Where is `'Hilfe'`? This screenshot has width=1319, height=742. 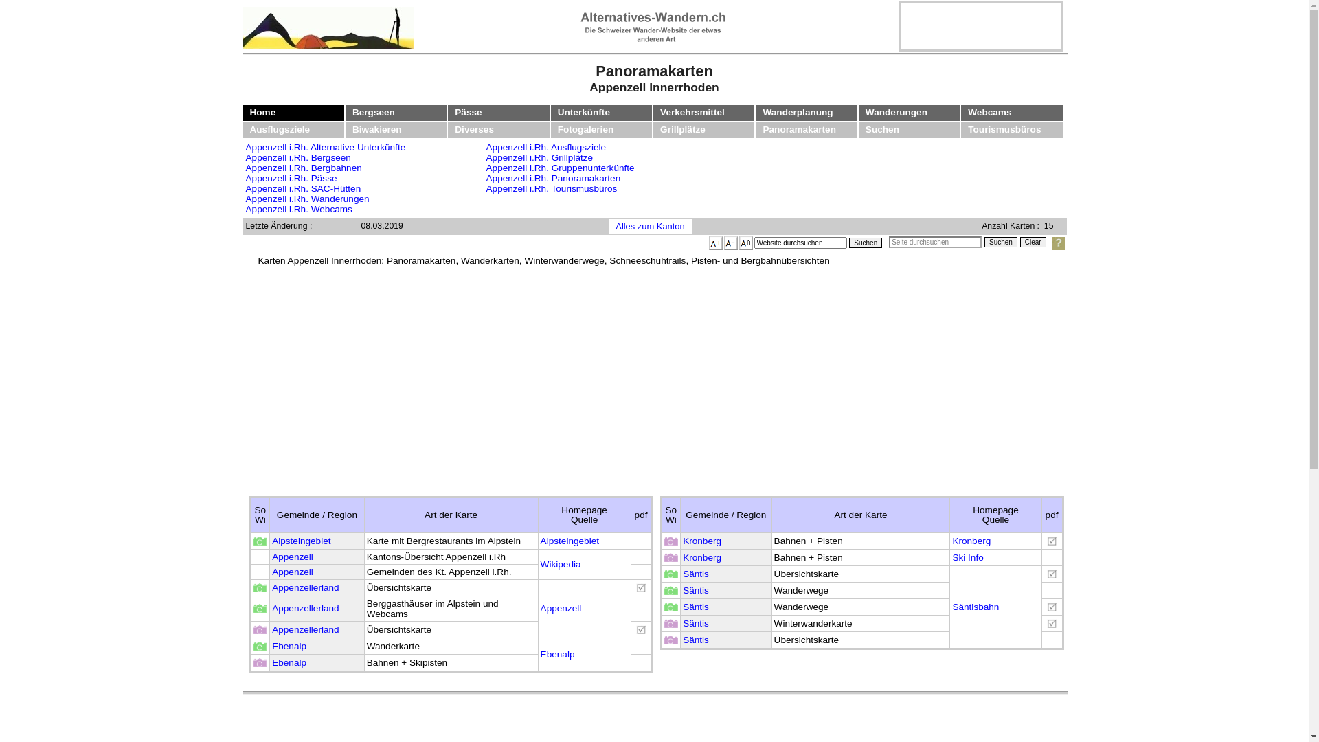 'Hilfe' is located at coordinates (1057, 243).